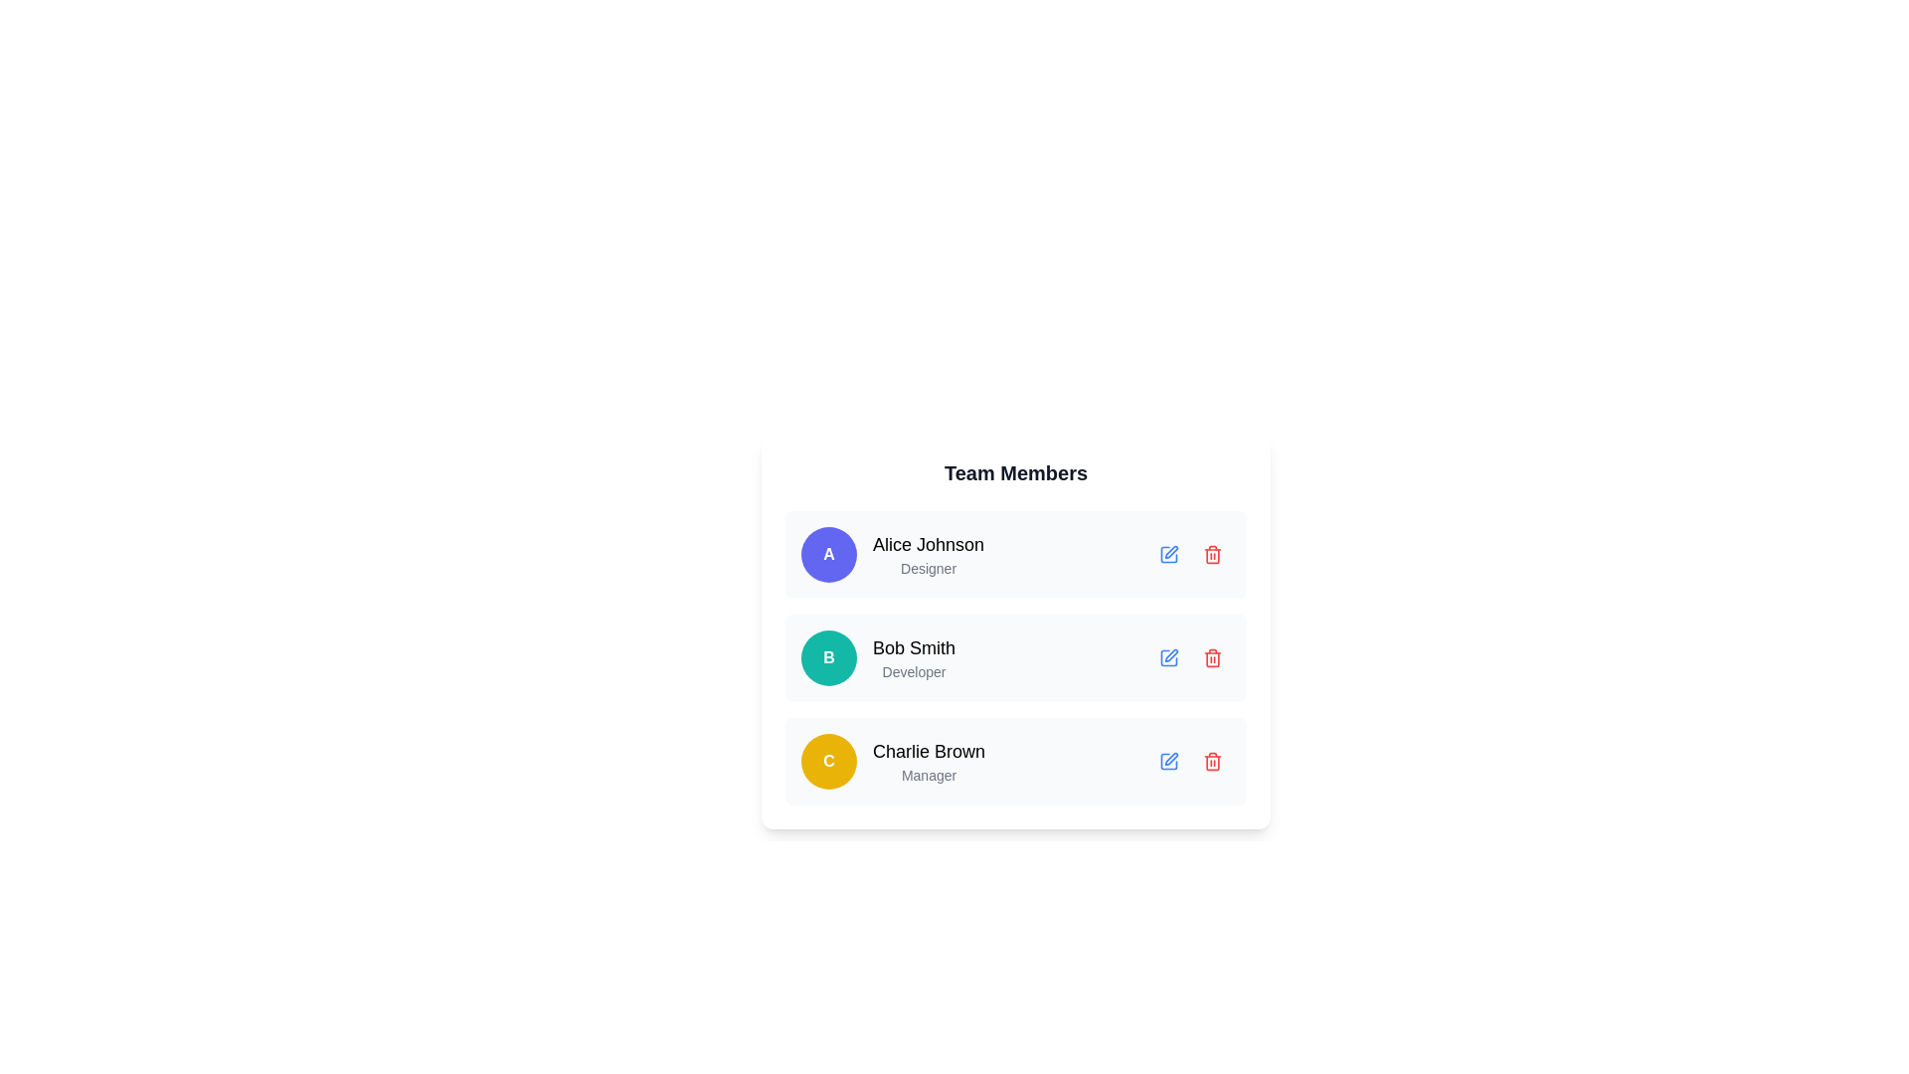 This screenshot has height=1074, width=1909. Describe the element at coordinates (928, 555) in the screenshot. I see `the first Text Label displaying the name and role of a team member, which is part of a vertically stacked list and located next to a circular avatar` at that location.